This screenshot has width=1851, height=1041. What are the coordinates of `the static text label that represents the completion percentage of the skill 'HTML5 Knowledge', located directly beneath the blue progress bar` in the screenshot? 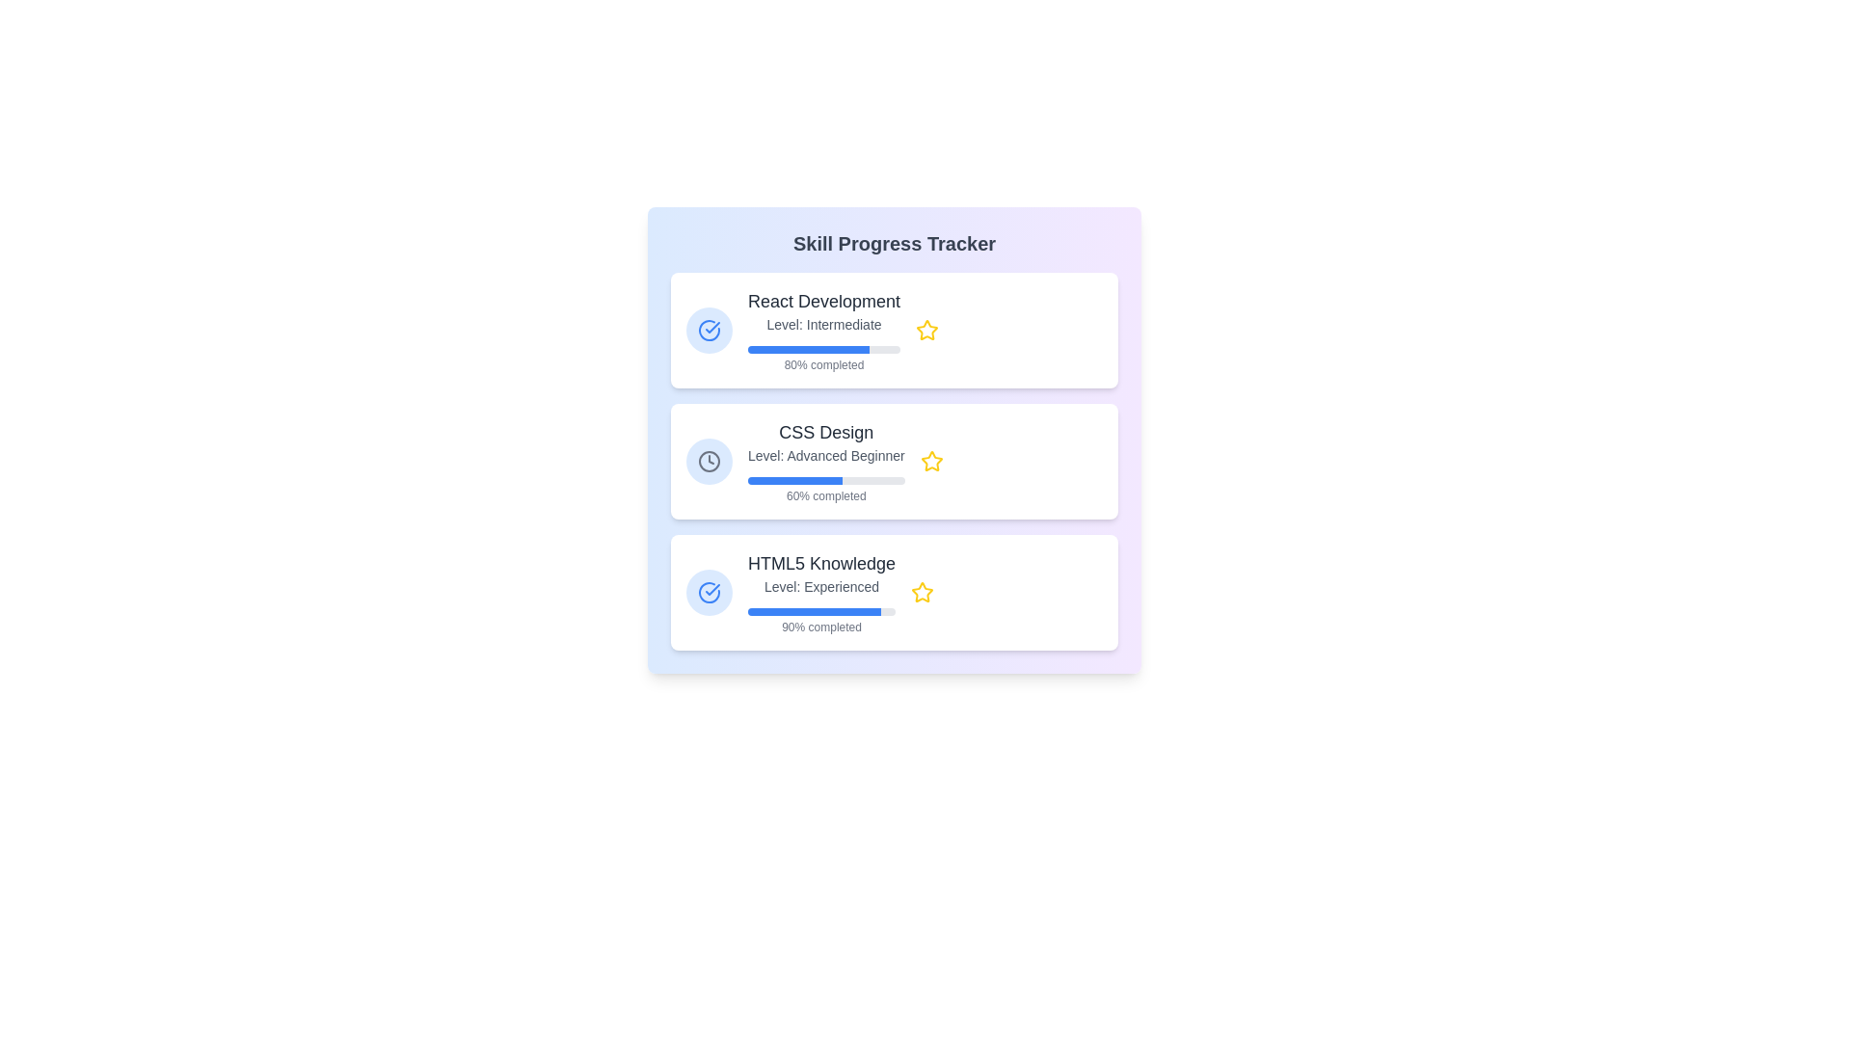 It's located at (821, 620).